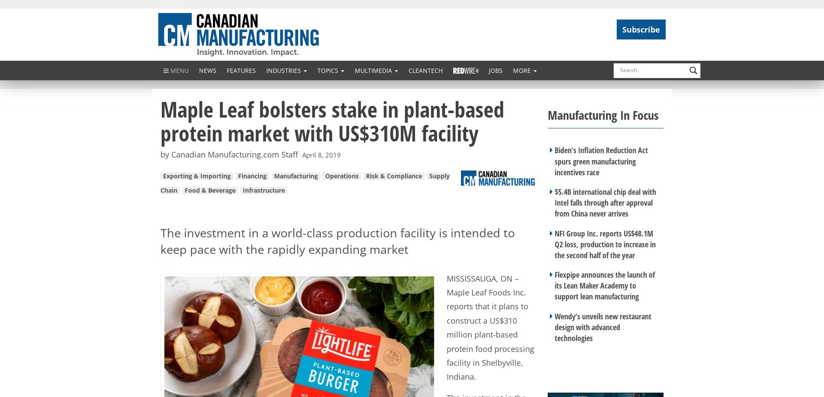  I want to click on 'Features', so click(241, 69).